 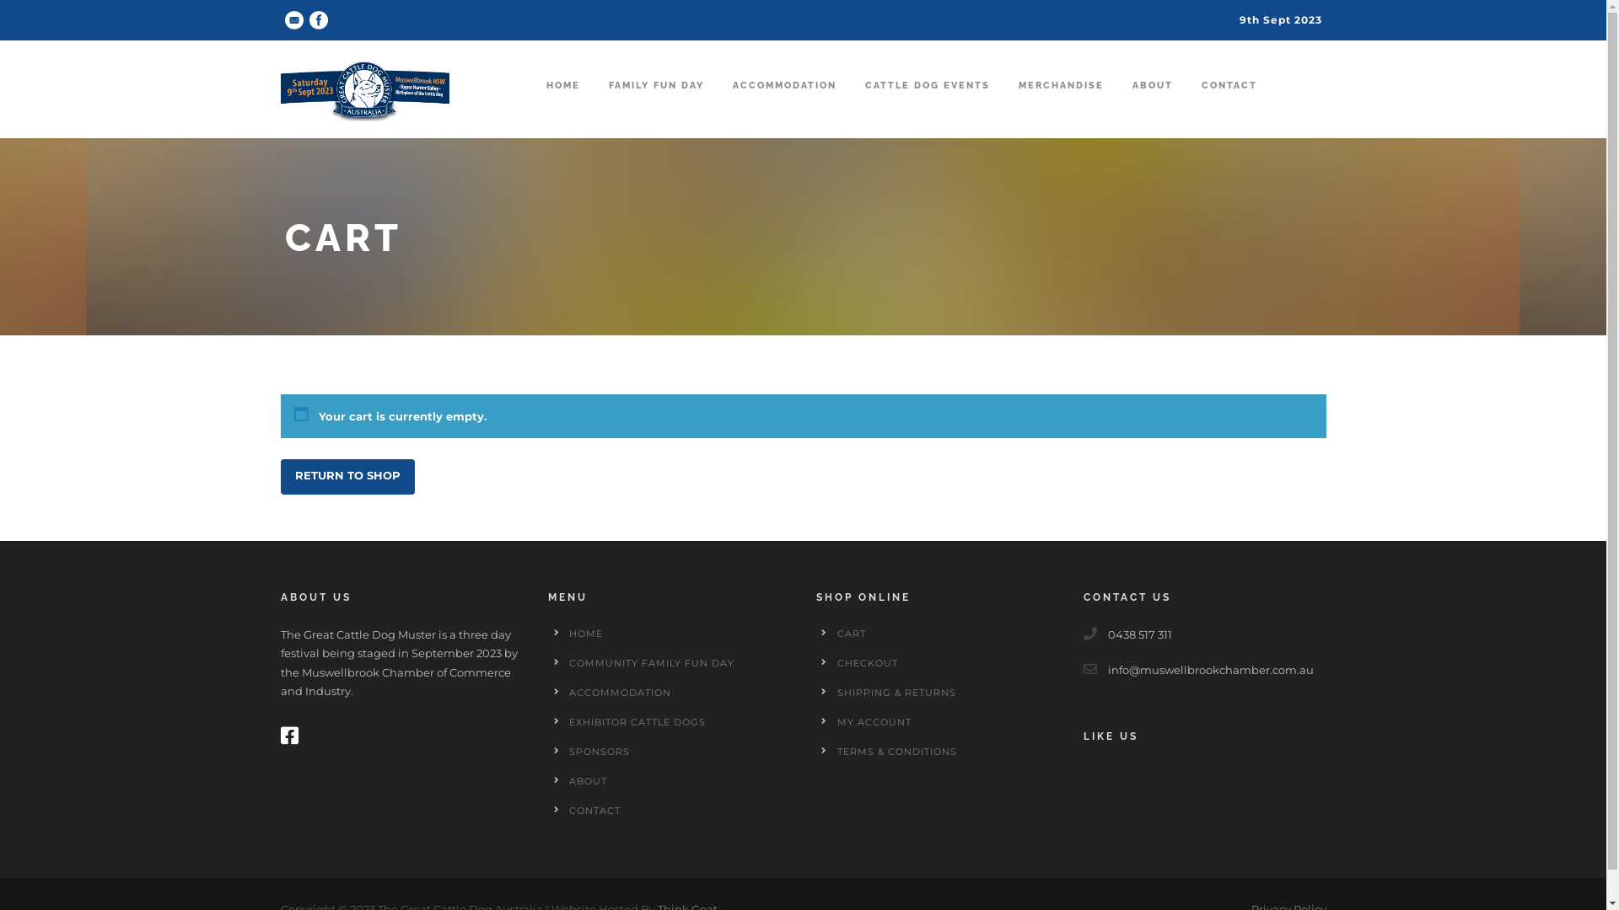 What do you see at coordinates (346, 477) in the screenshot?
I see `'RETURN TO SHOP'` at bounding box center [346, 477].